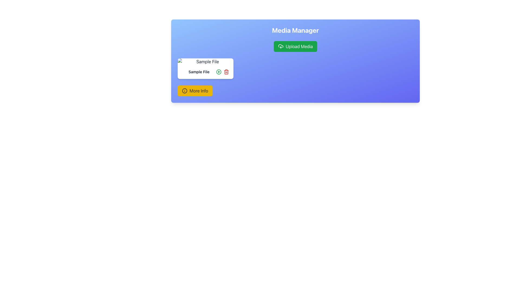 Image resolution: width=520 pixels, height=292 pixels. Describe the element at coordinates (184, 90) in the screenshot. I see `the circular information icon located at the center of the yellow 'More Info' button` at that location.